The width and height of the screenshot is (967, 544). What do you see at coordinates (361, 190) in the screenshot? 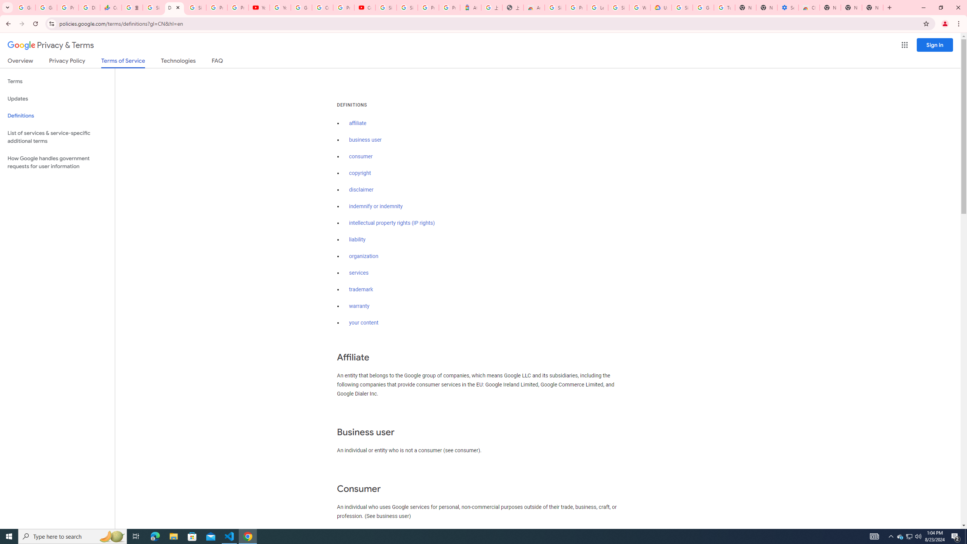
I see `'disclaimer'` at bounding box center [361, 190].